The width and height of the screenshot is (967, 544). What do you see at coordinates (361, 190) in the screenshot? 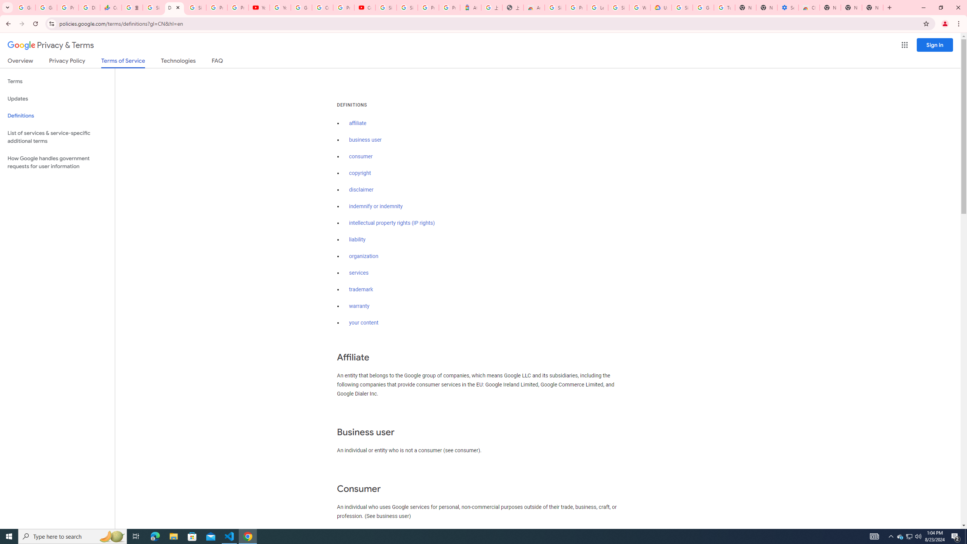
I see `'disclaimer'` at bounding box center [361, 190].